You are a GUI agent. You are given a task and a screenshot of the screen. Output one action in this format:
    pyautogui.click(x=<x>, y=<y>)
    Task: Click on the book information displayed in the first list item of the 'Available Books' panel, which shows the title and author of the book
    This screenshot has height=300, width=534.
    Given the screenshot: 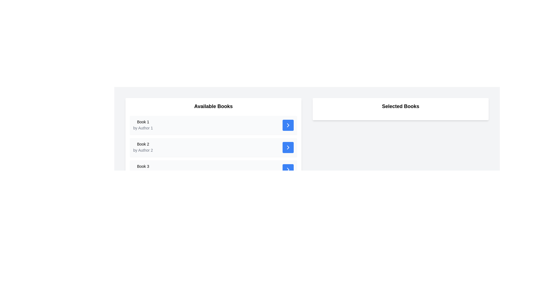 What is the action you would take?
    pyautogui.click(x=143, y=125)
    